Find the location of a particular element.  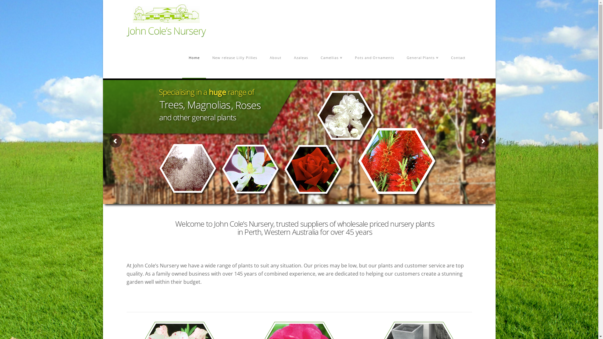

'New release Lilly Pillies' is located at coordinates (234, 57).